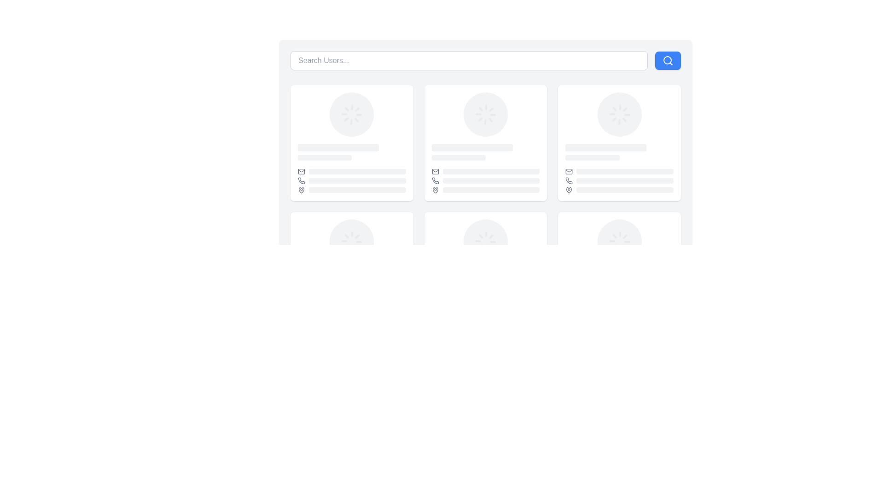  I want to click on the magnifying glass icon located within the blue rectangular button to the right of the search input box, so click(668, 60).